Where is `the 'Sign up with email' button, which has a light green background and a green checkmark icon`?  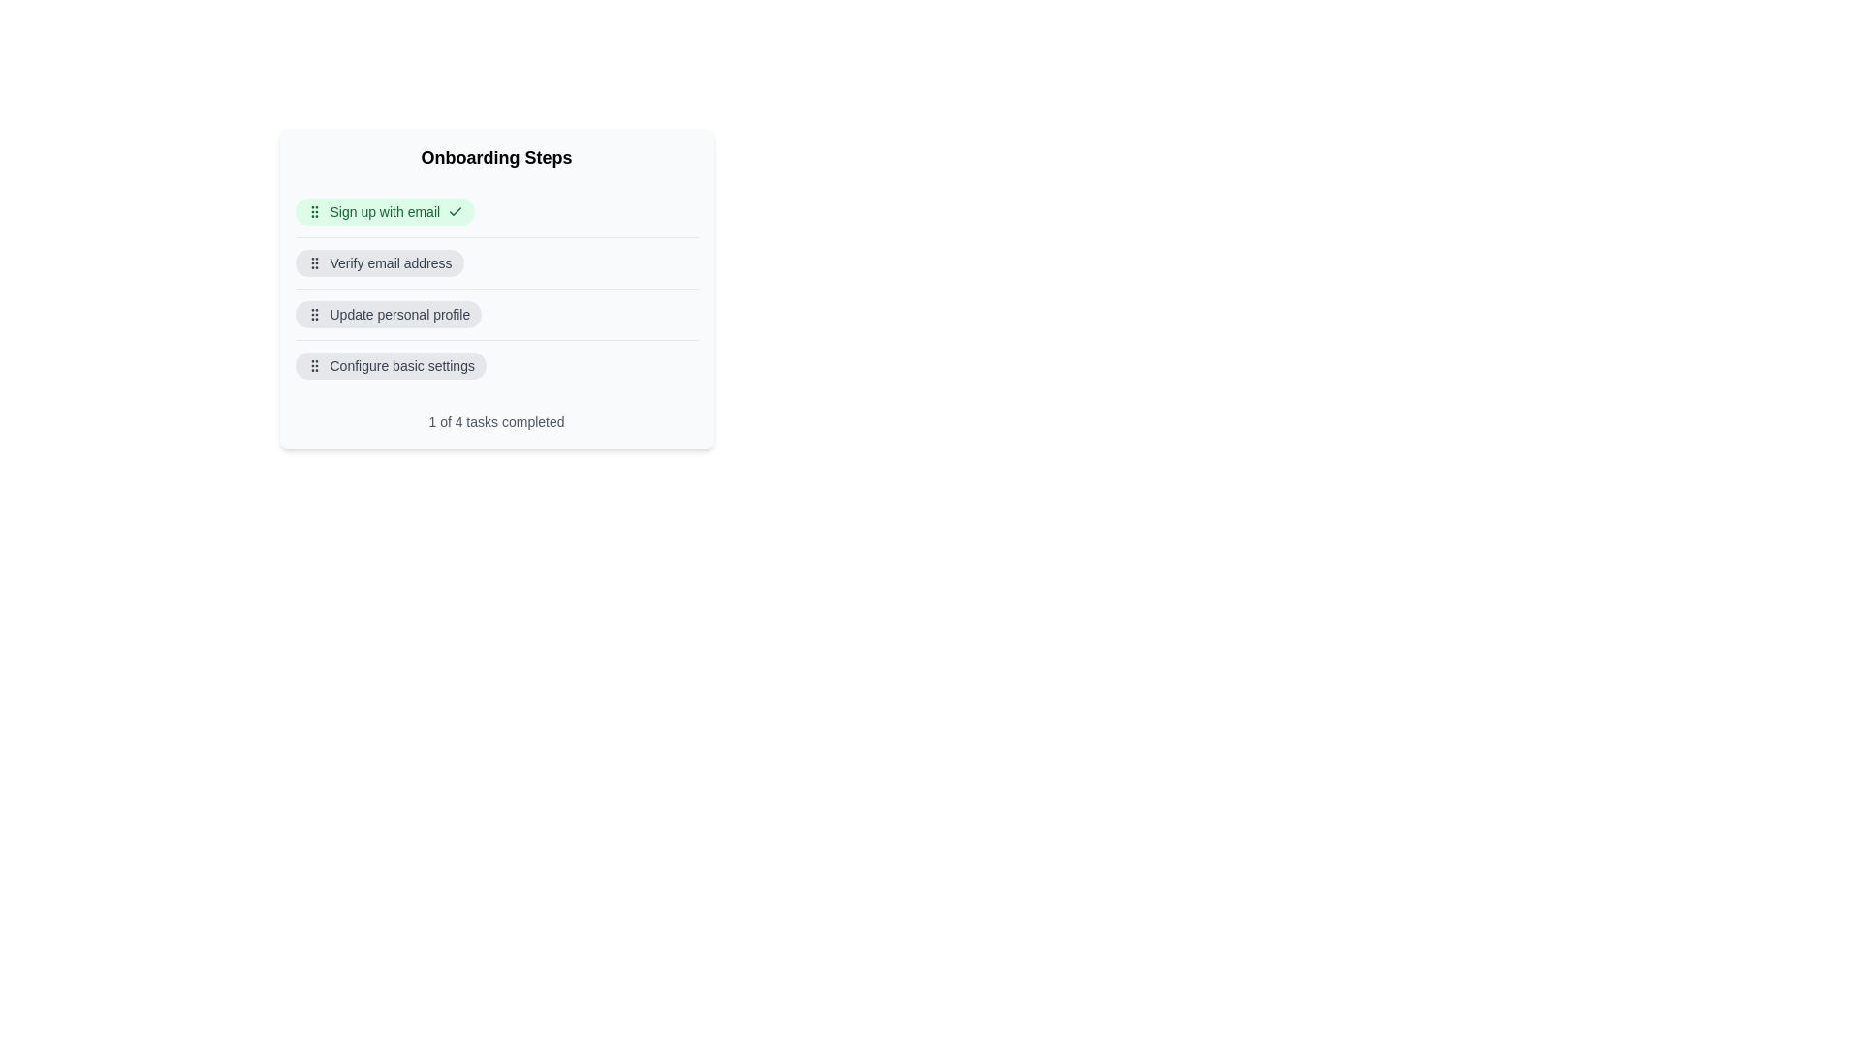
the 'Sign up with email' button, which has a light green background and a green checkmark icon is located at coordinates (496, 212).